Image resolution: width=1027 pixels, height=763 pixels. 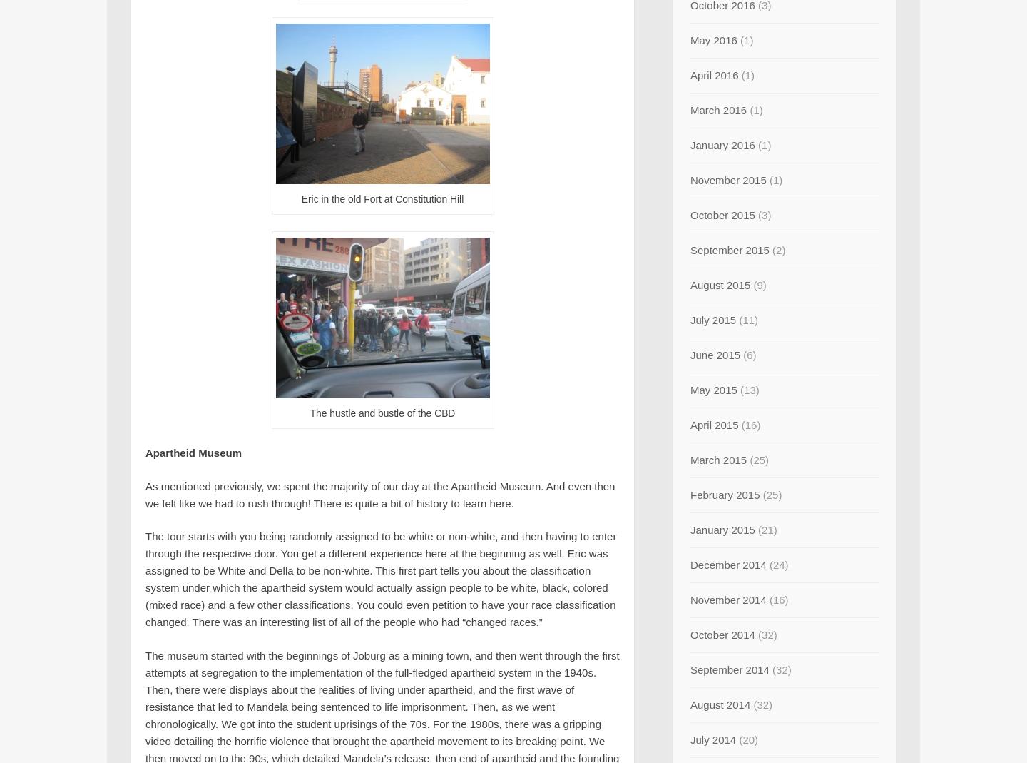 What do you see at coordinates (724, 494) in the screenshot?
I see `'February 2015'` at bounding box center [724, 494].